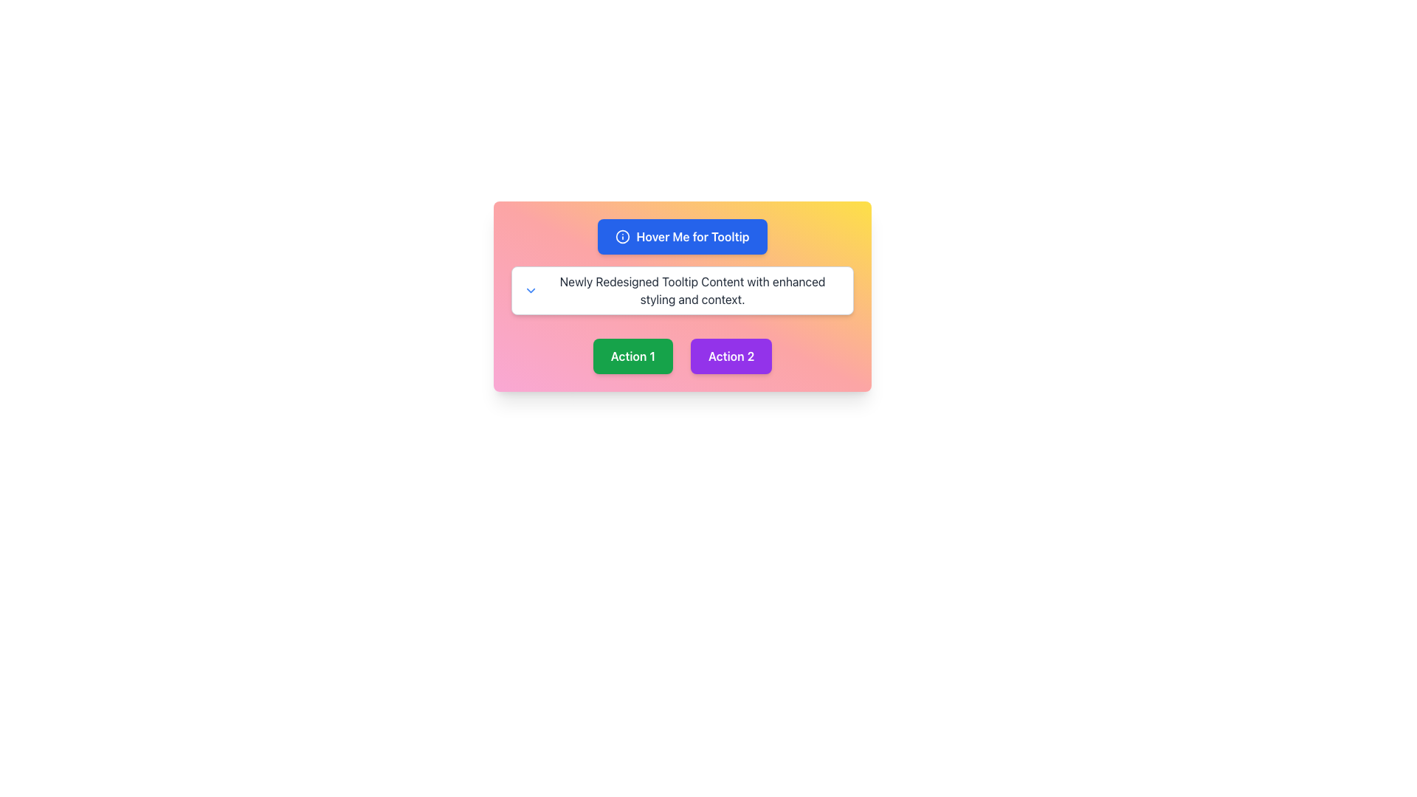 This screenshot has width=1417, height=797. I want to click on the SVG Circle Component, which serves as a graphical element of an information icon located in the header section of the card, so click(623, 235).